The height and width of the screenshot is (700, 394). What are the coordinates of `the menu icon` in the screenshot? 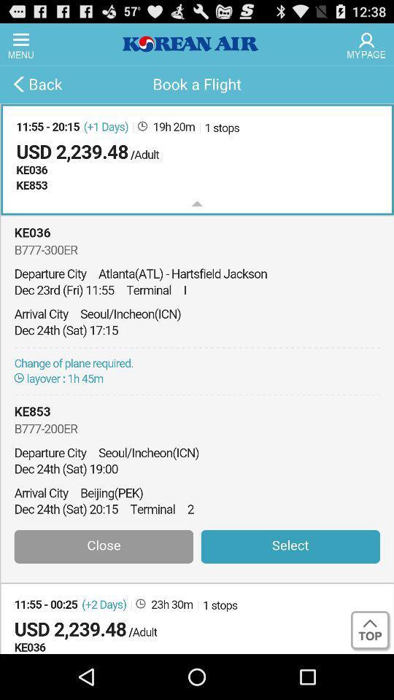 It's located at (20, 47).